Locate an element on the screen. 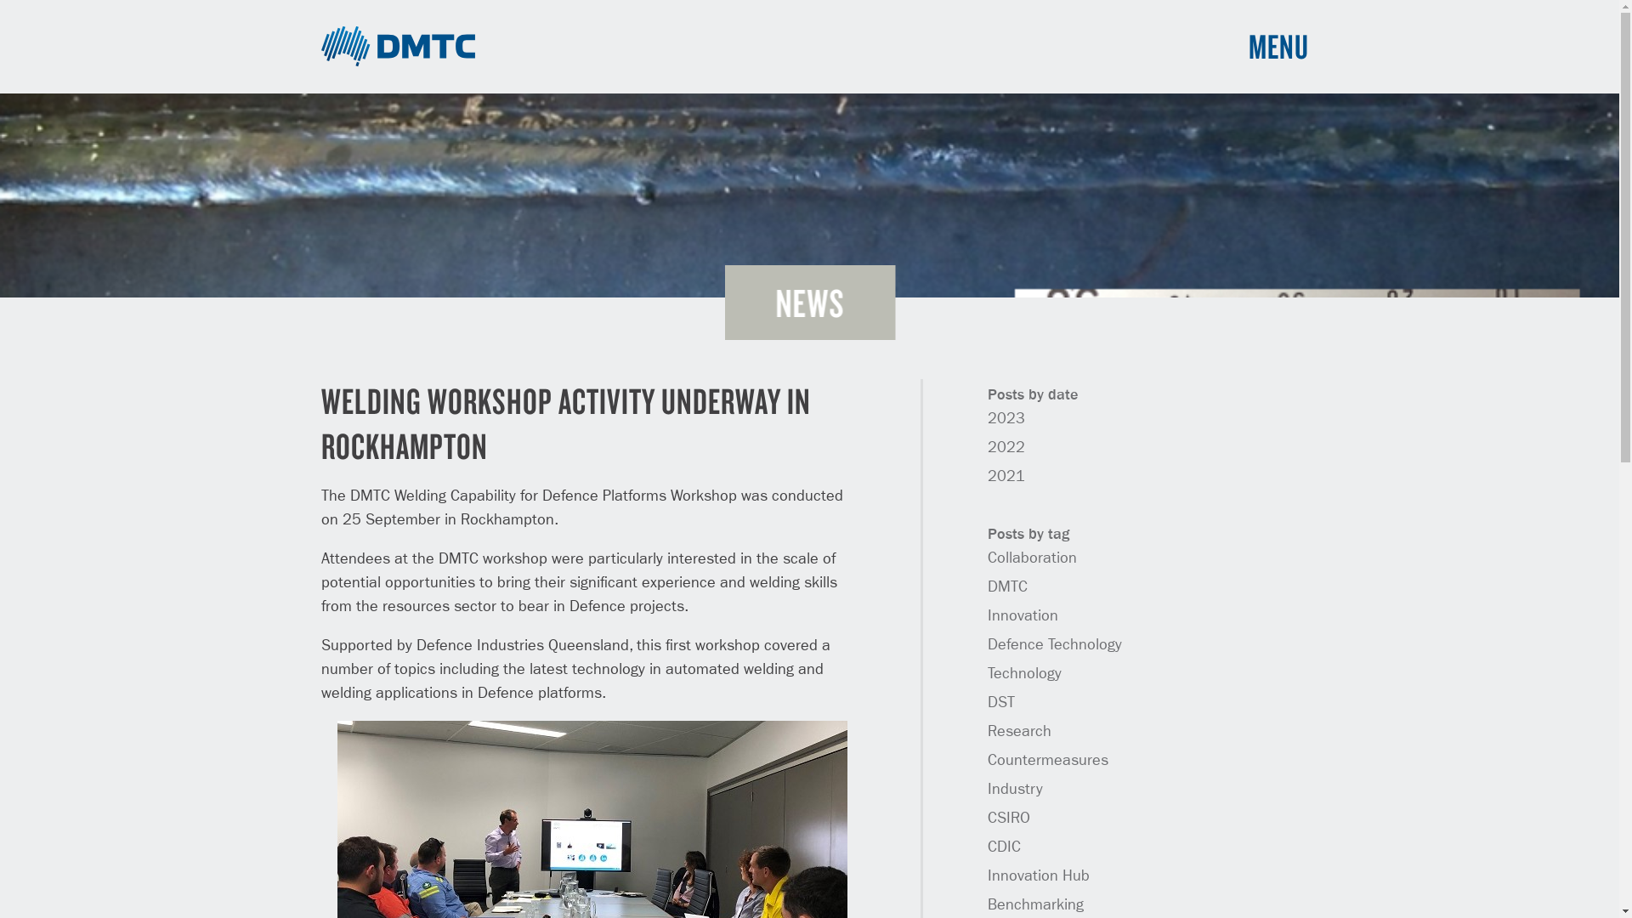 Image resolution: width=1632 pixels, height=918 pixels. 'Research' is located at coordinates (1019, 730).